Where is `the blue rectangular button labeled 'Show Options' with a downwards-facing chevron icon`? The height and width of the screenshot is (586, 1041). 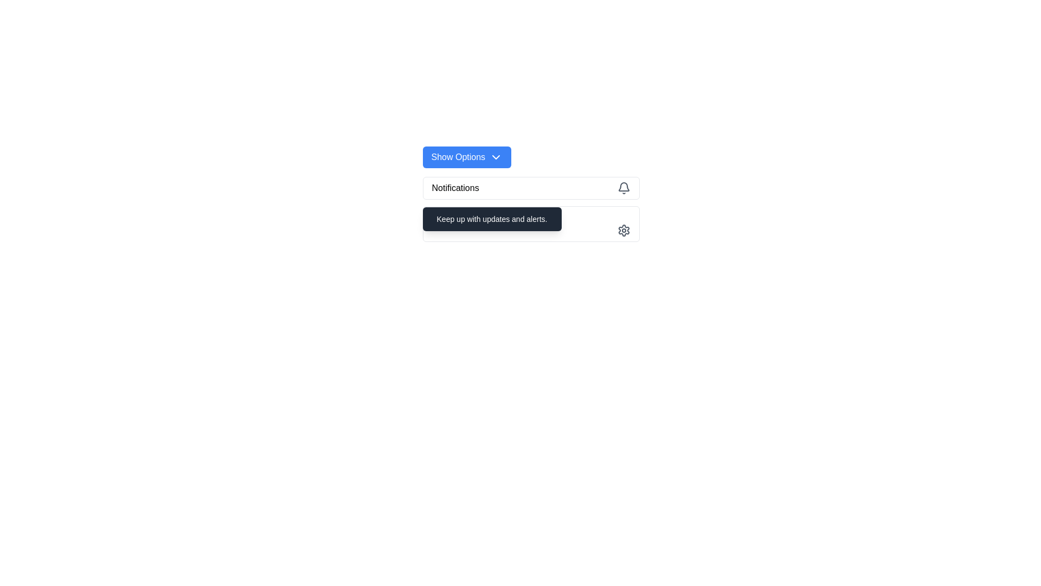 the blue rectangular button labeled 'Show Options' with a downwards-facing chevron icon is located at coordinates (467, 157).